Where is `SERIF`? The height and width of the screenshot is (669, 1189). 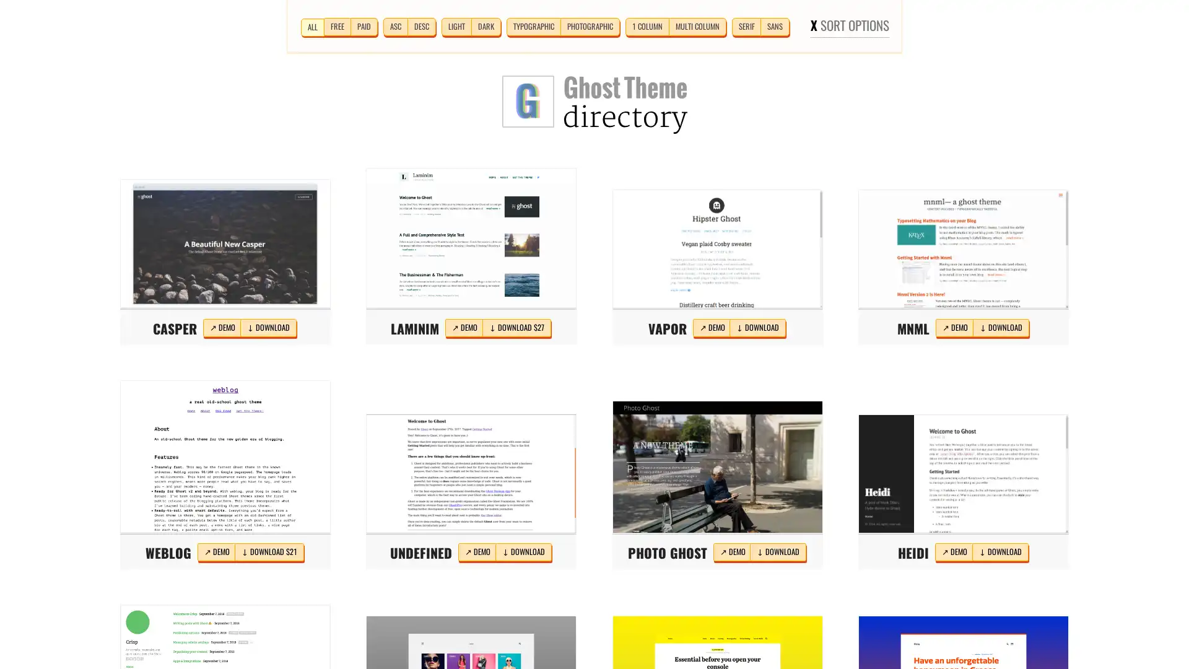
SERIF is located at coordinates (745, 26).